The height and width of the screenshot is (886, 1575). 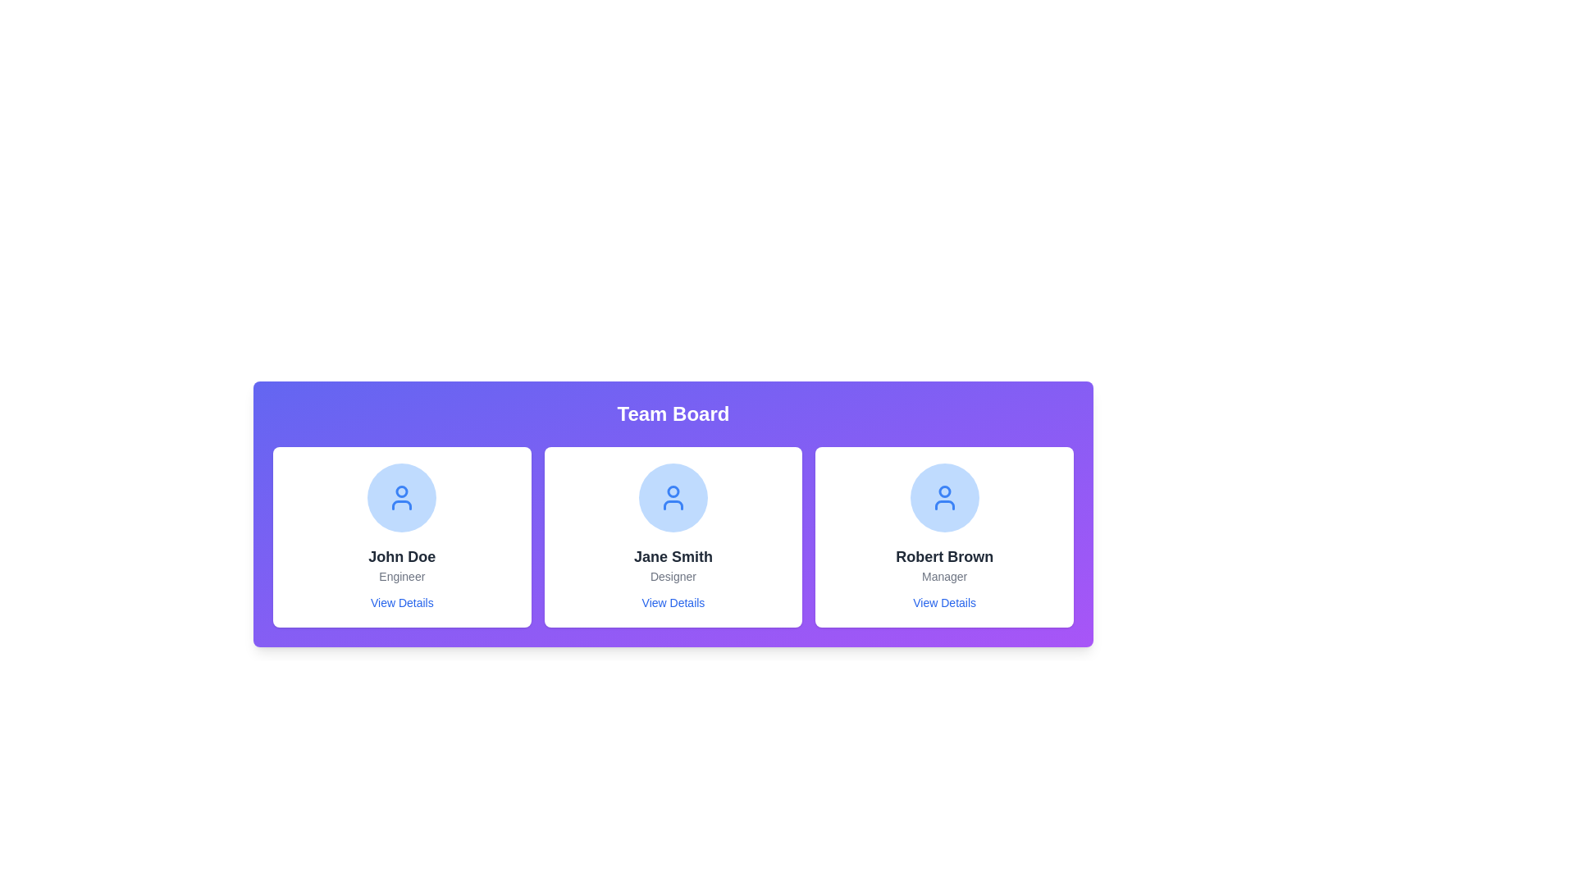 What do you see at coordinates (944, 537) in the screenshot?
I see `the profile card displaying 'Robert Brown', which includes a round blue icon and the link 'View Details' at the bottom, for context menu options` at bounding box center [944, 537].